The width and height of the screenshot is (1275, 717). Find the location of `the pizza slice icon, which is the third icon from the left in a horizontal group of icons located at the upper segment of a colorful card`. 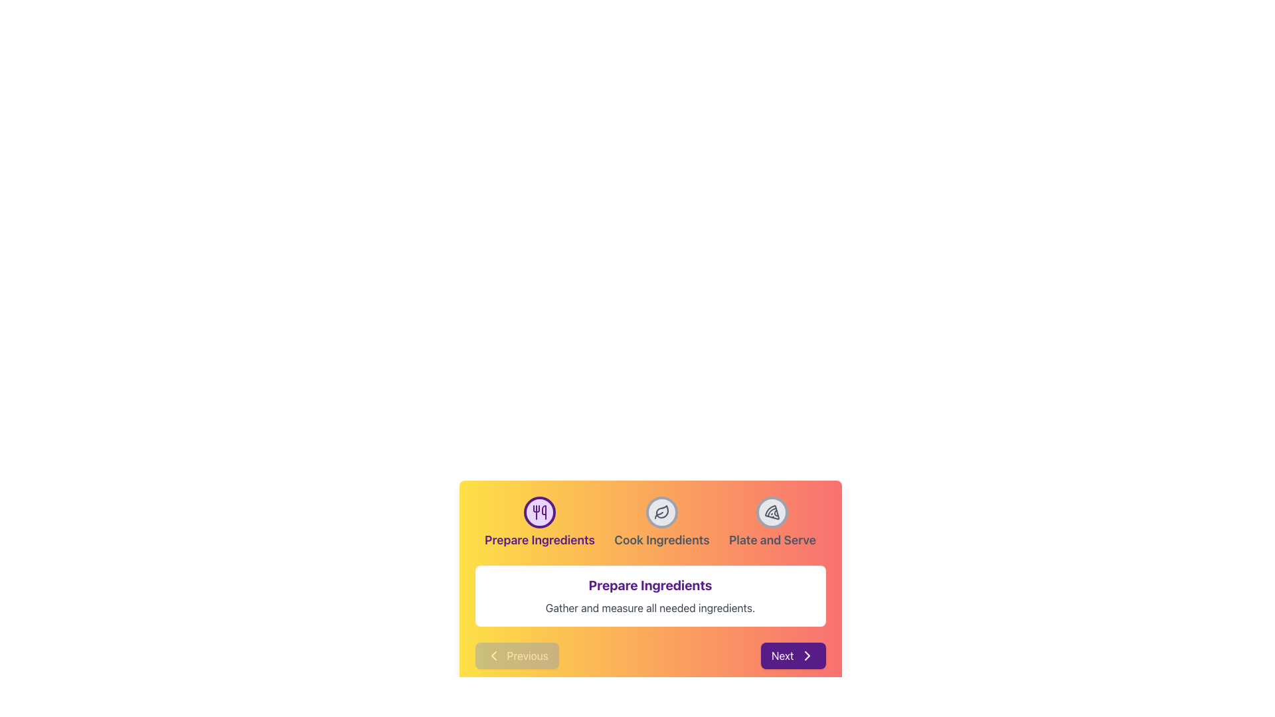

the pizza slice icon, which is the third icon from the left in a horizontal group of icons located at the upper segment of a colorful card is located at coordinates (772, 511).